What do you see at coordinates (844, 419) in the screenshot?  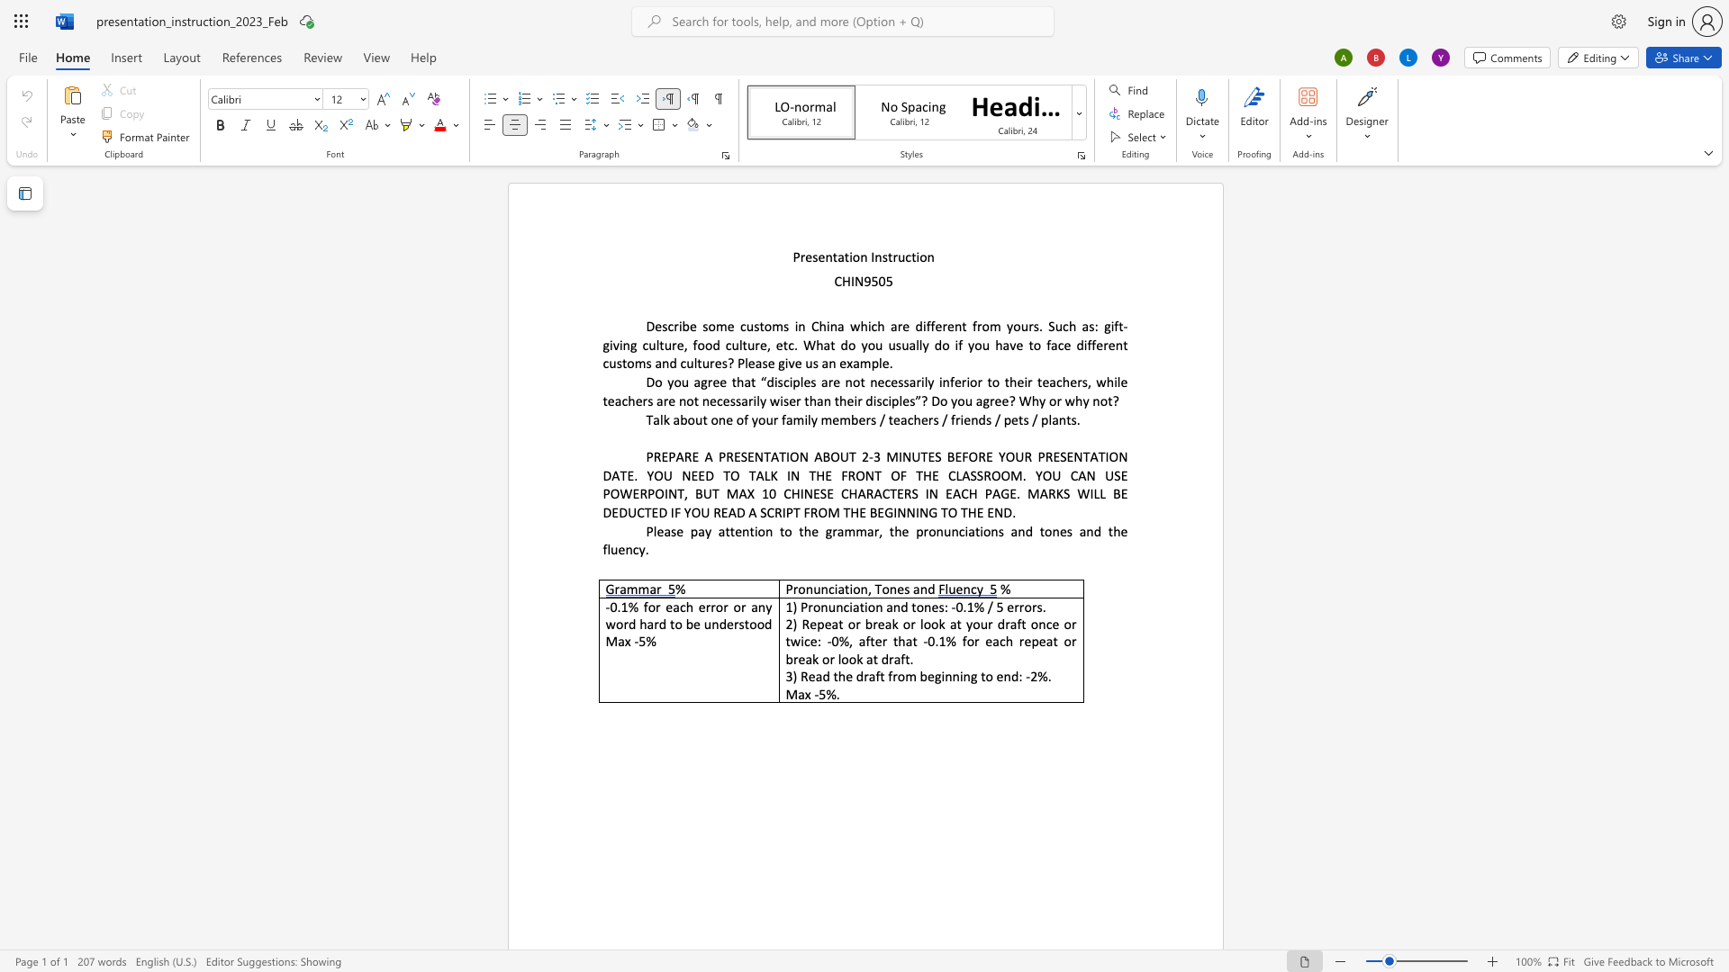 I see `the 3th character "m" in the text` at bounding box center [844, 419].